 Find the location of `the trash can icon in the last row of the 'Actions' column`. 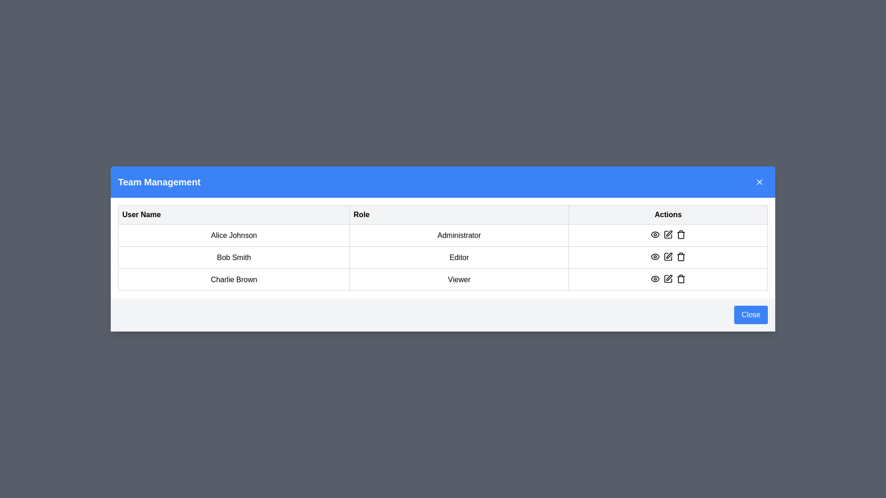

the trash can icon in the last row of the 'Actions' column is located at coordinates (681, 279).